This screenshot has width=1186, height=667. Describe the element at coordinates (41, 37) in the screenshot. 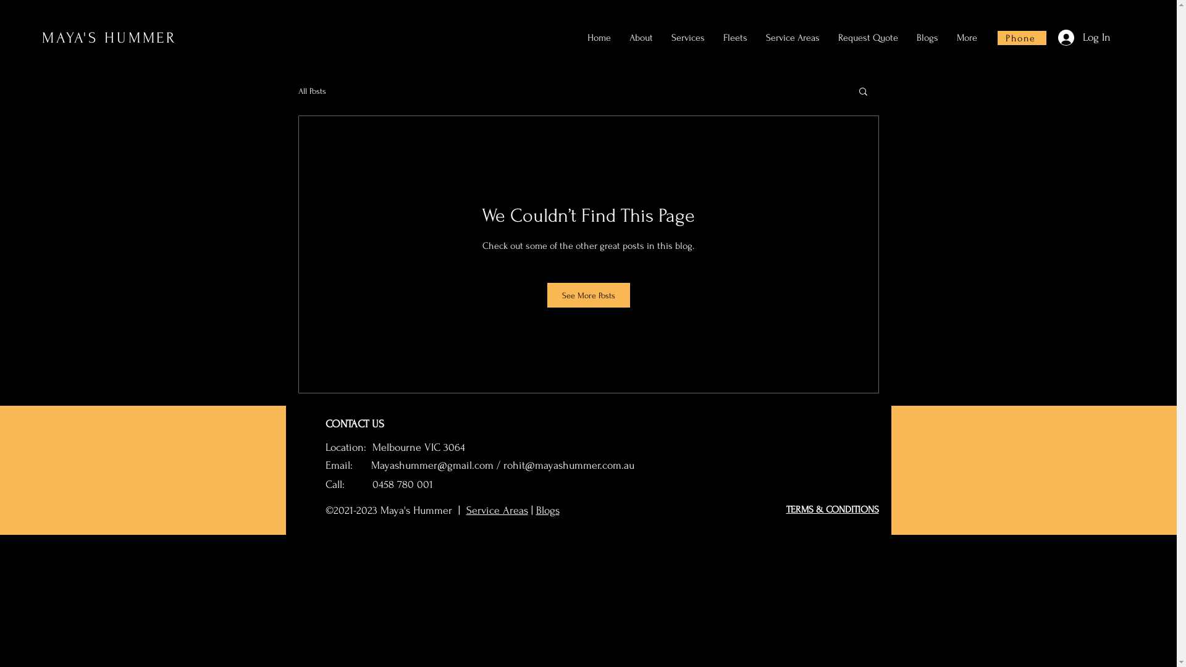

I see `'MAYA'S HUMMER'` at that location.